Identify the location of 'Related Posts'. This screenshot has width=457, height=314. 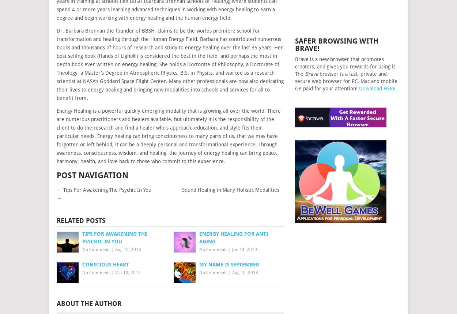
(80, 220).